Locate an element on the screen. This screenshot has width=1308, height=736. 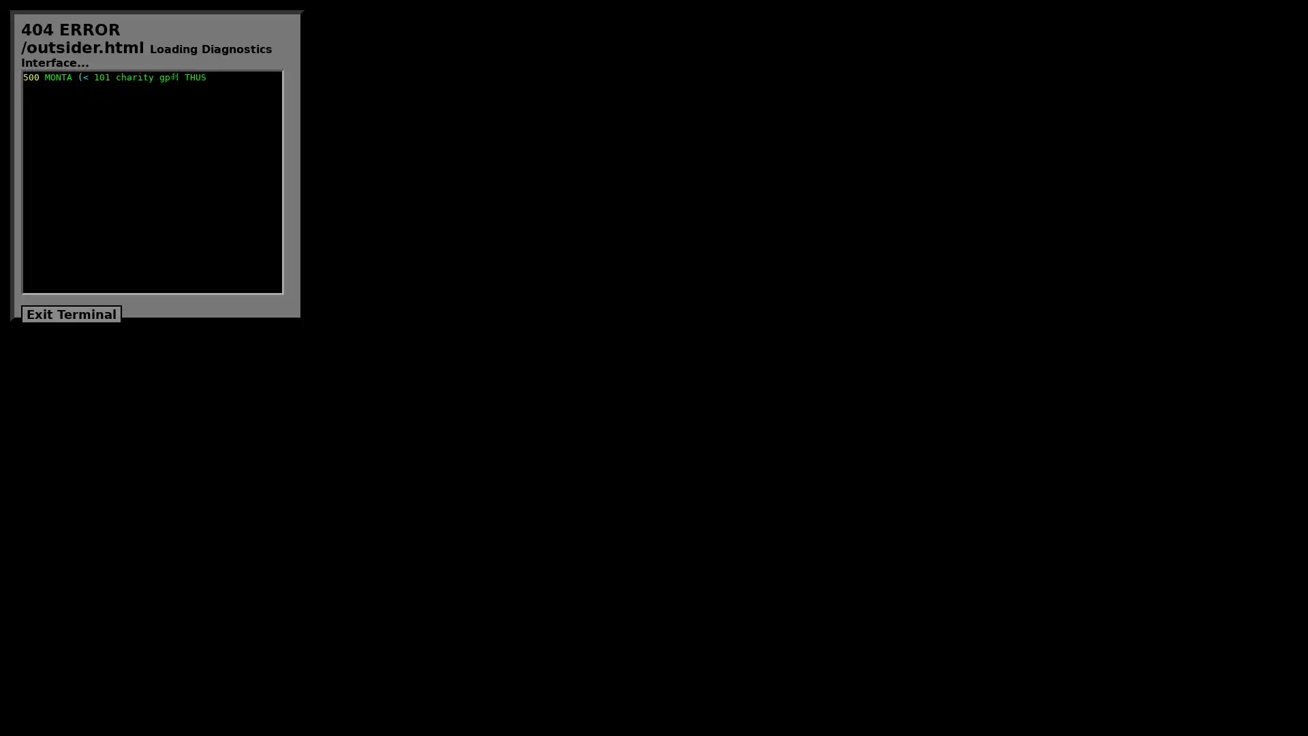
Exit Terminal is located at coordinates (71, 314).